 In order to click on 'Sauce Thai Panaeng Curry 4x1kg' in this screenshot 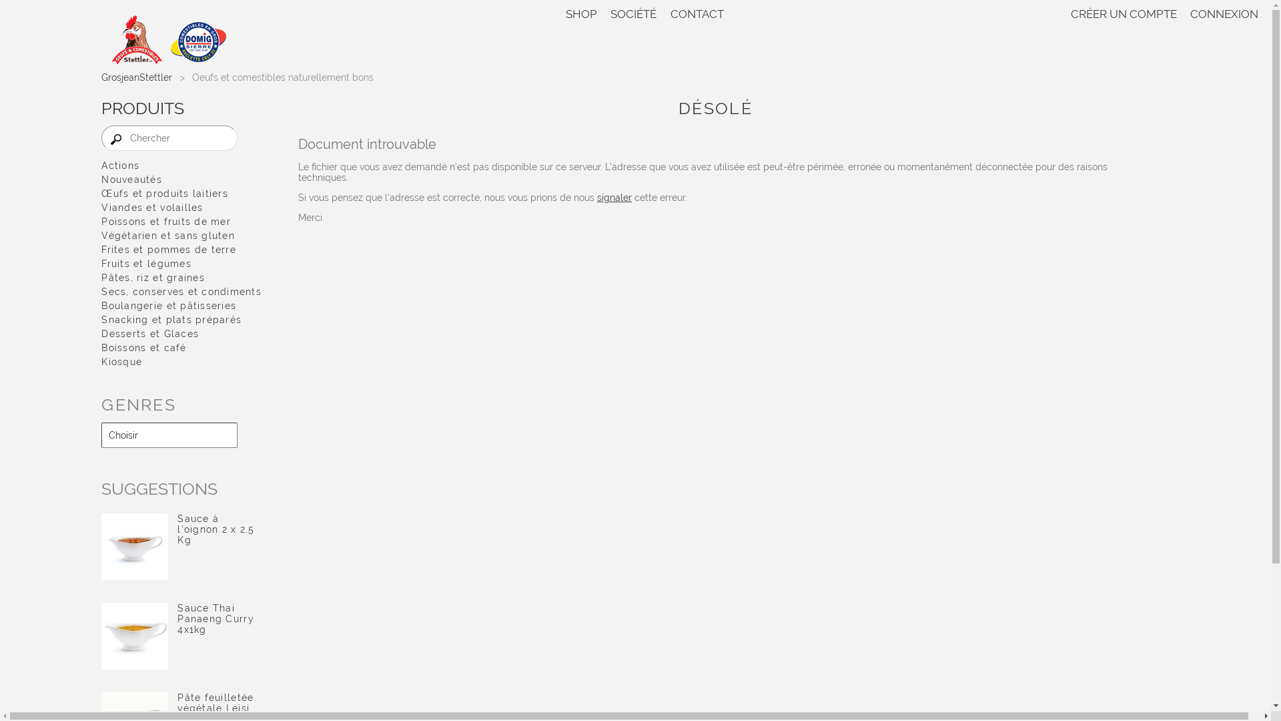, I will do `click(134, 636)`.